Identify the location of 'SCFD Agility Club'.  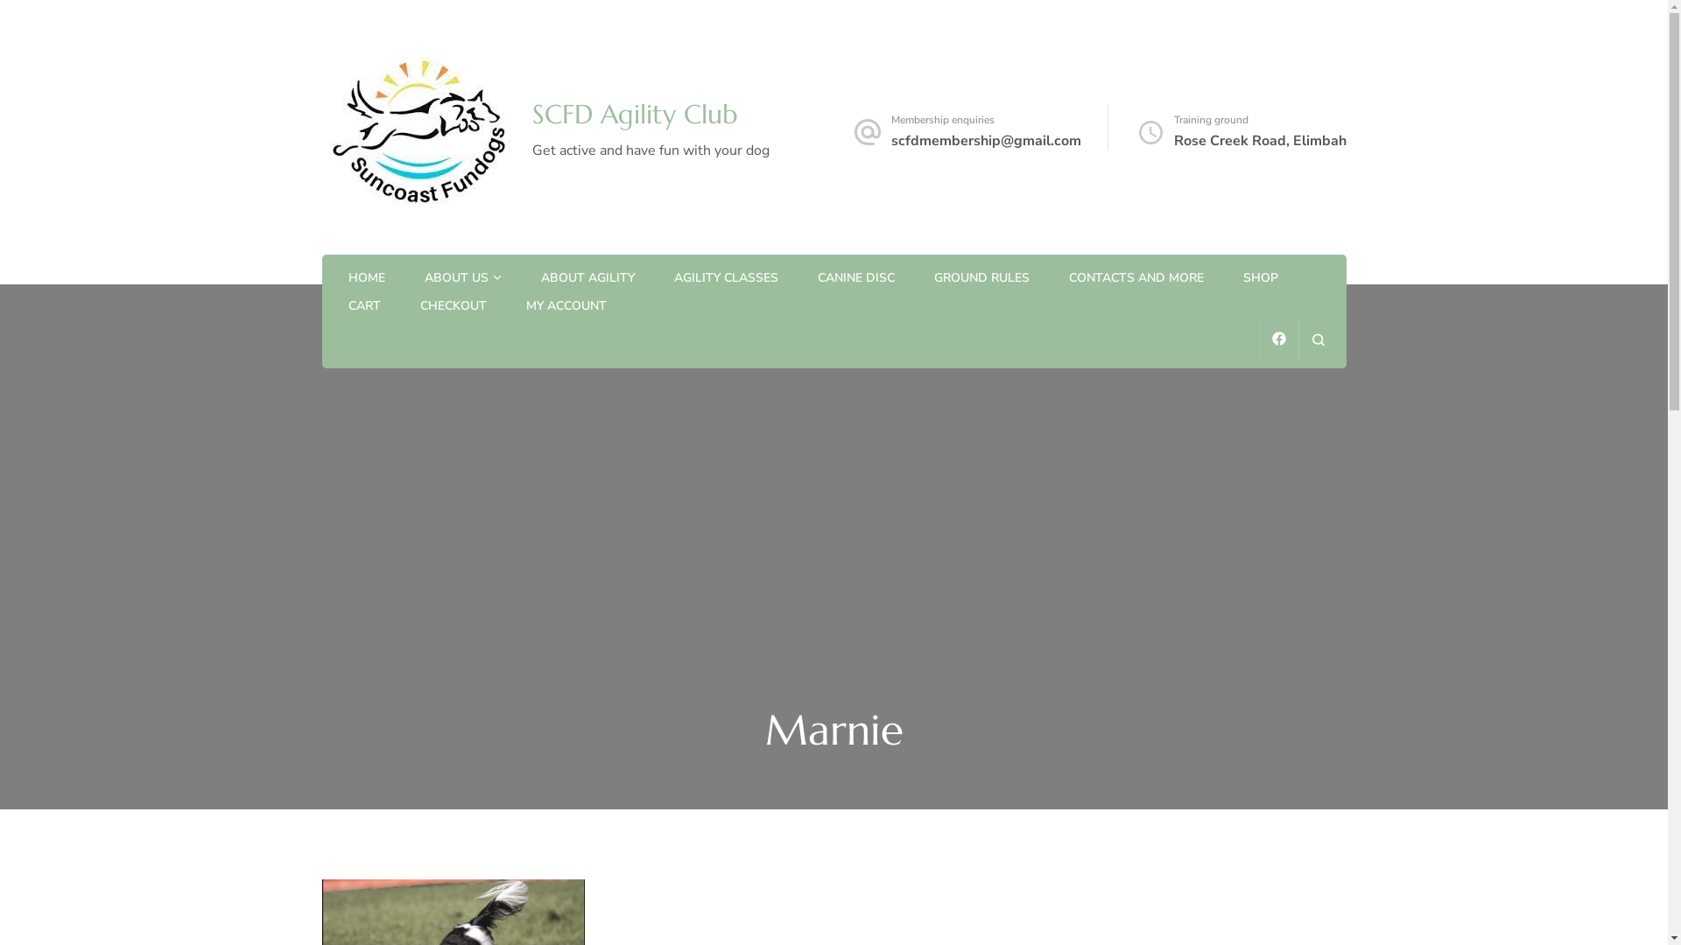
(634, 114).